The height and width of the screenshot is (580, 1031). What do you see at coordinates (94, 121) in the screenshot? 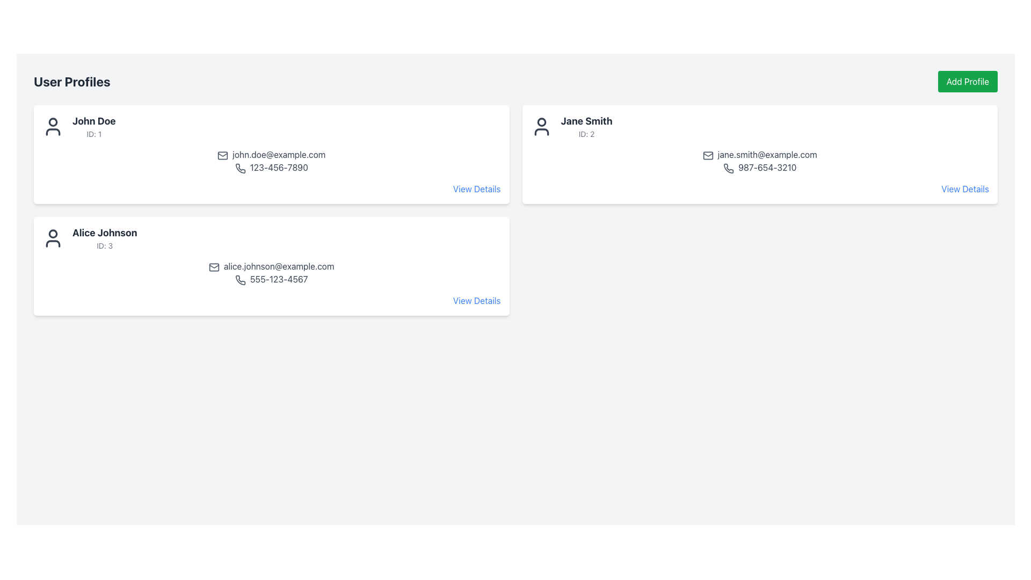
I see `bold text label 'John Doe' displayed in larger font size at the top-center of the user profile card` at bounding box center [94, 121].